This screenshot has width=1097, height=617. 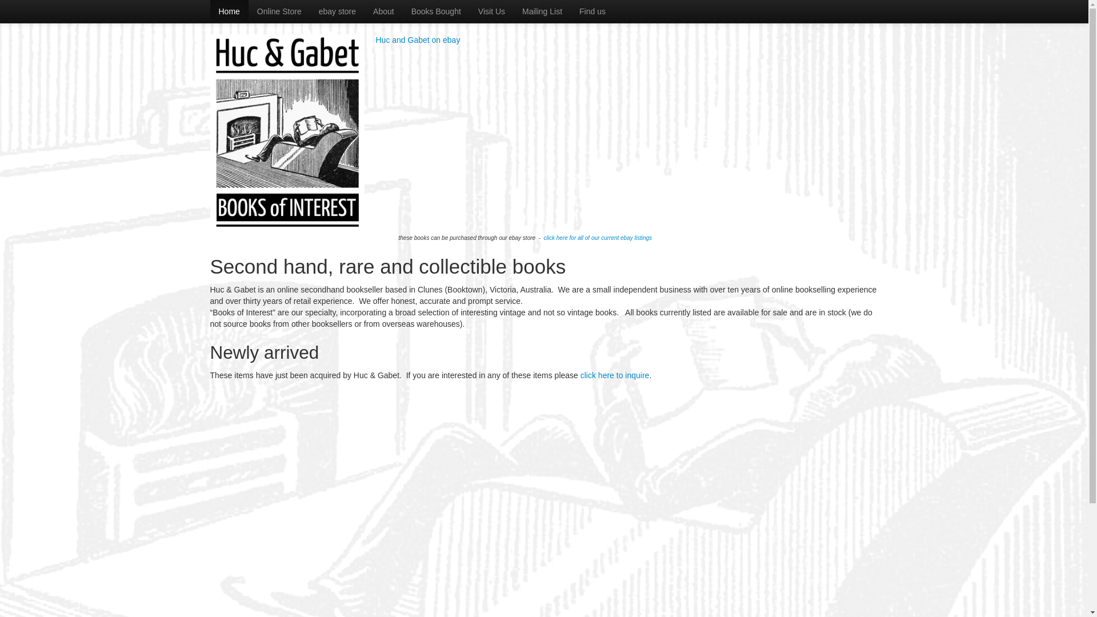 What do you see at coordinates (279, 11) in the screenshot?
I see `'Online Store'` at bounding box center [279, 11].